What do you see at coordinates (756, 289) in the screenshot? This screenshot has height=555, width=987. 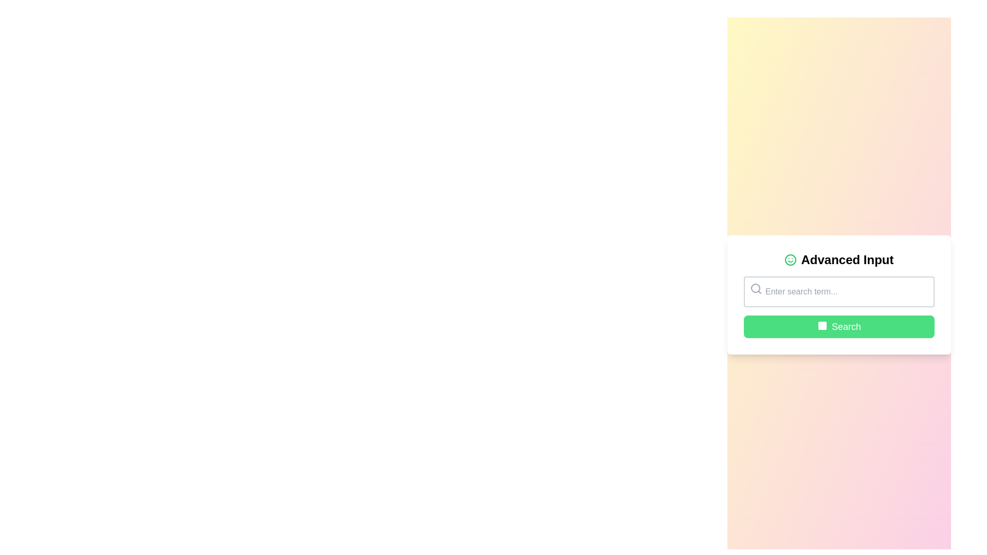 I see `the search icon located at the top-left corner of the text input area within the rounded rectangle UI component` at bounding box center [756, 289].